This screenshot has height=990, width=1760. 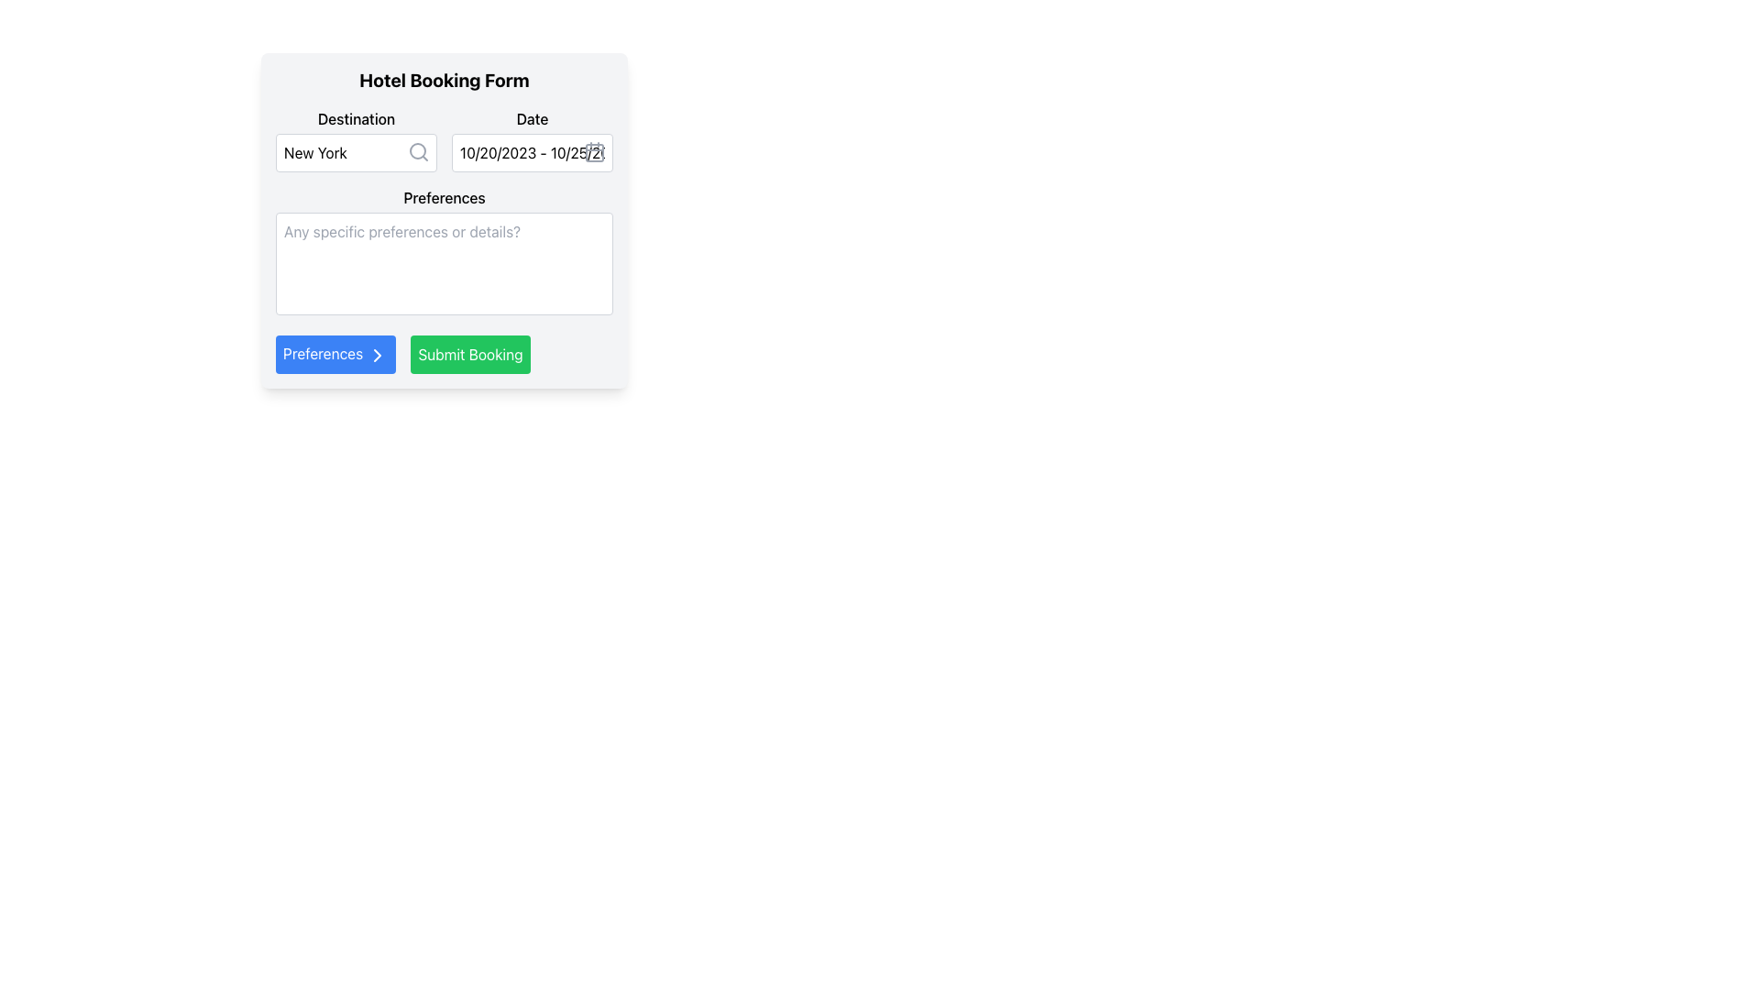 I want to click on the prominent heading text label reading 'Hotel Booking Form', which is styled in bold, extra-large font and positioned at the top of the form interface, so click(x=444, y=80).